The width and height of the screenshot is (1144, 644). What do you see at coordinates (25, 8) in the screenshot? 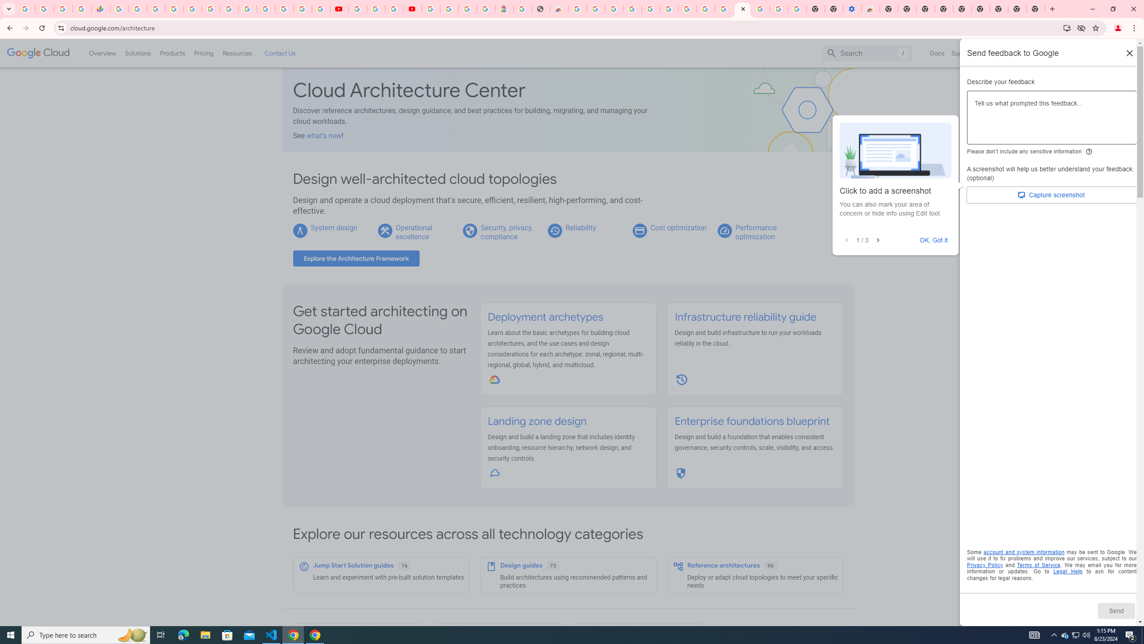
I see `'Google Workspace Admin Community'` at bounding box center [25, 8].